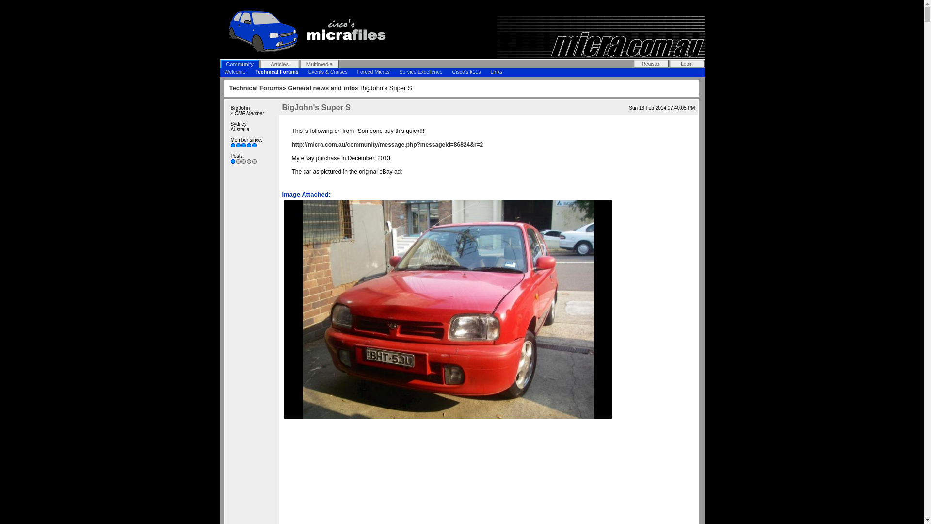 Image resolution: width=931 pixels, height=524 pixels. What do you see at coordinates (276, 72) in the screenshot?
I see `'Technical Forums'` at bounding box center [276, 72].